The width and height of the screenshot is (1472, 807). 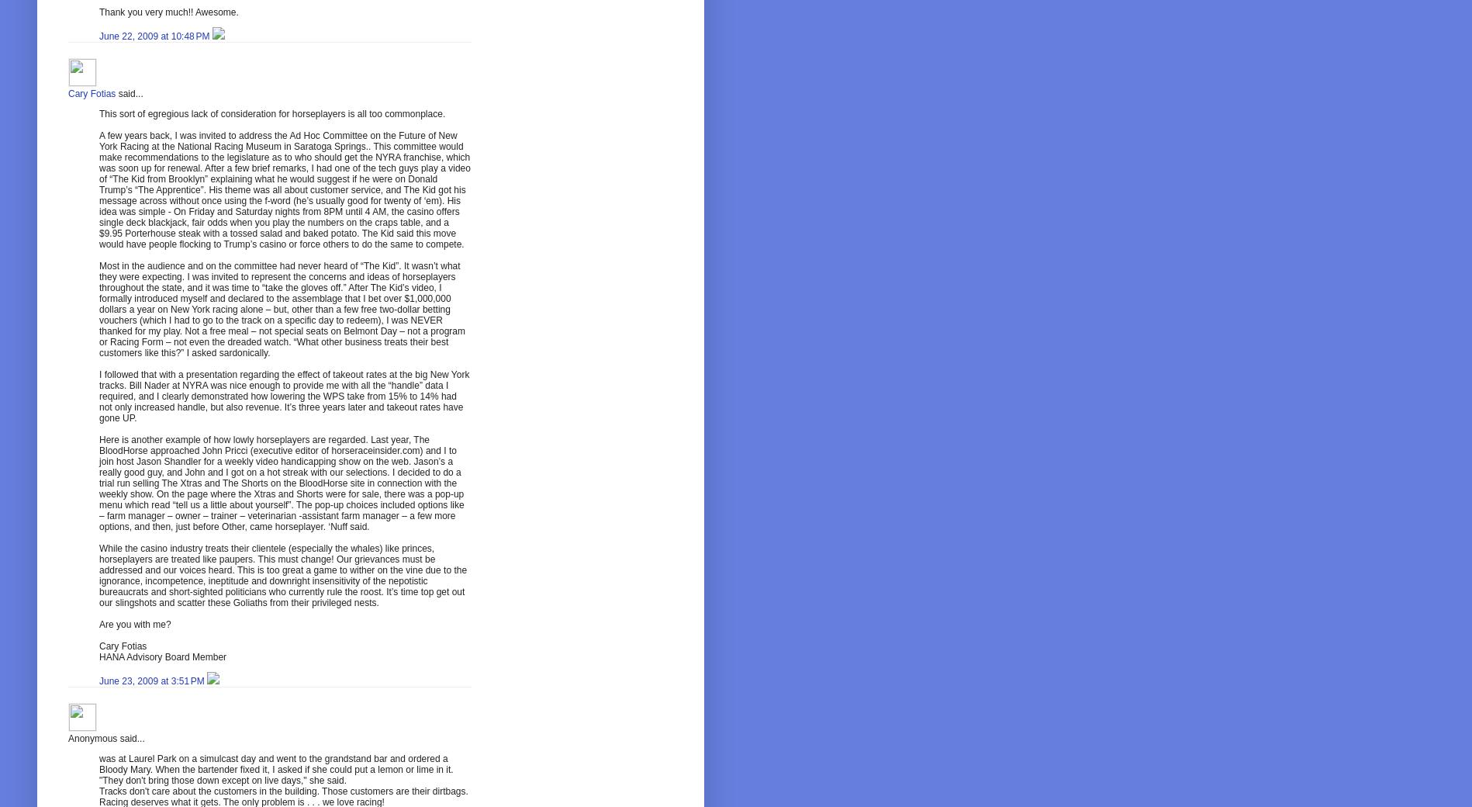 What do you see at coordinates (152, 680) in the screenshot?
I see `'June 23, 2009 at 3:51 PM'` at bounding box center [152, 680].